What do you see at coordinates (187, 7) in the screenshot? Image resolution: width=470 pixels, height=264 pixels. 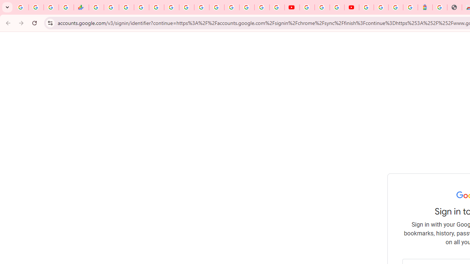 I see `'Android TV Policies and Guidelines - Transparency Center'` at bounding box center [187, 7].